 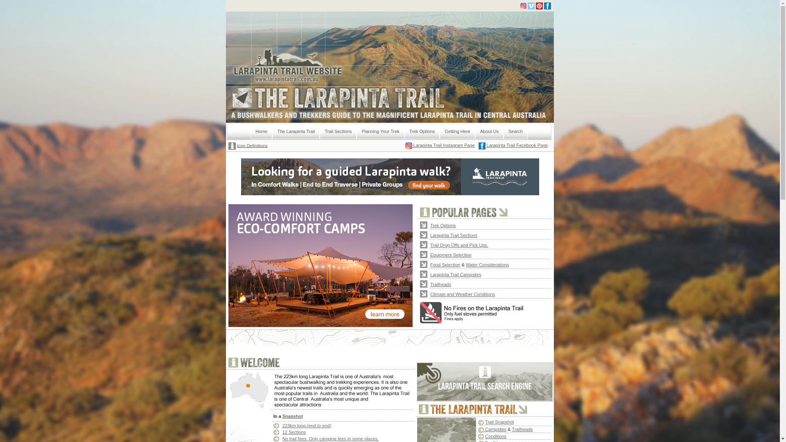 What do you see at coordinates (440, 284) in the screenshot?
I see `'Trailheads'` at bounding box center [440, 284].